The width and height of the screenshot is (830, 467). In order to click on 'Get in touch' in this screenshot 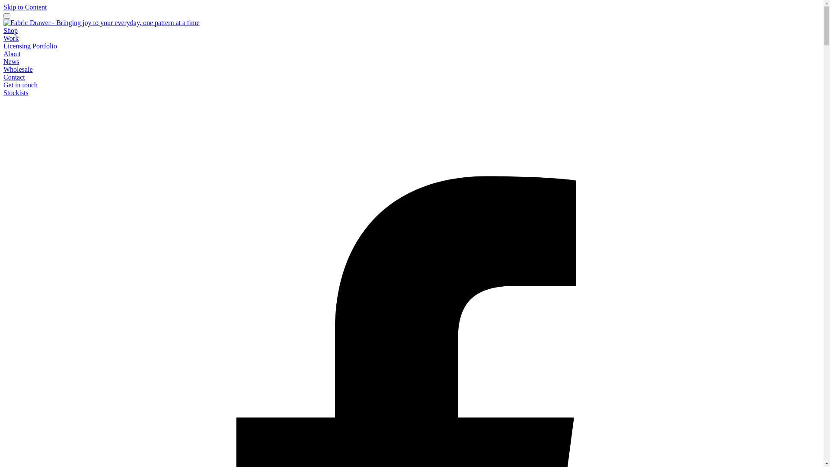, I will do `click(3, 85)`.